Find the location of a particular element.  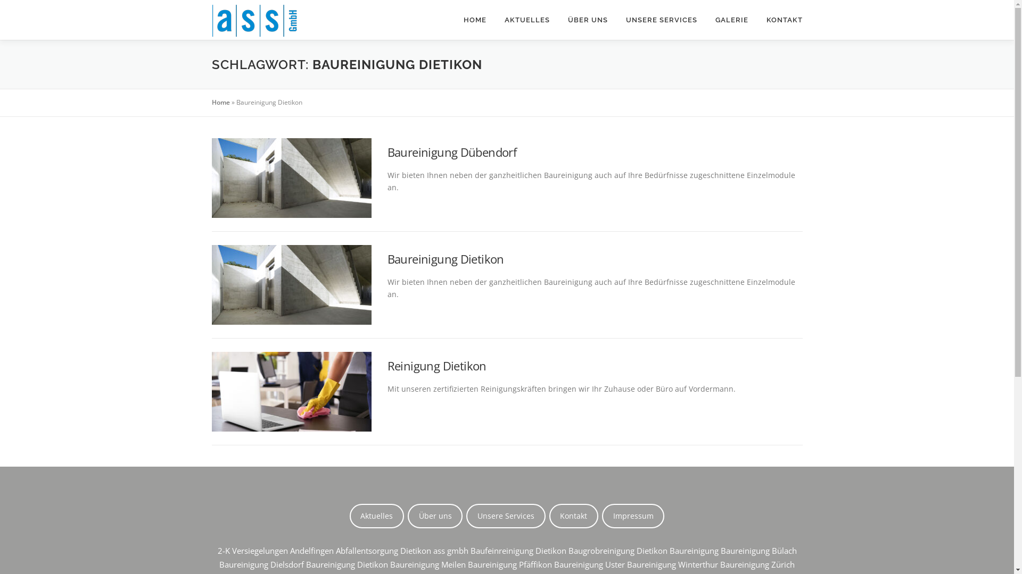

'Baureinigung Dielsdorf' is located at coordinates (219, 563).